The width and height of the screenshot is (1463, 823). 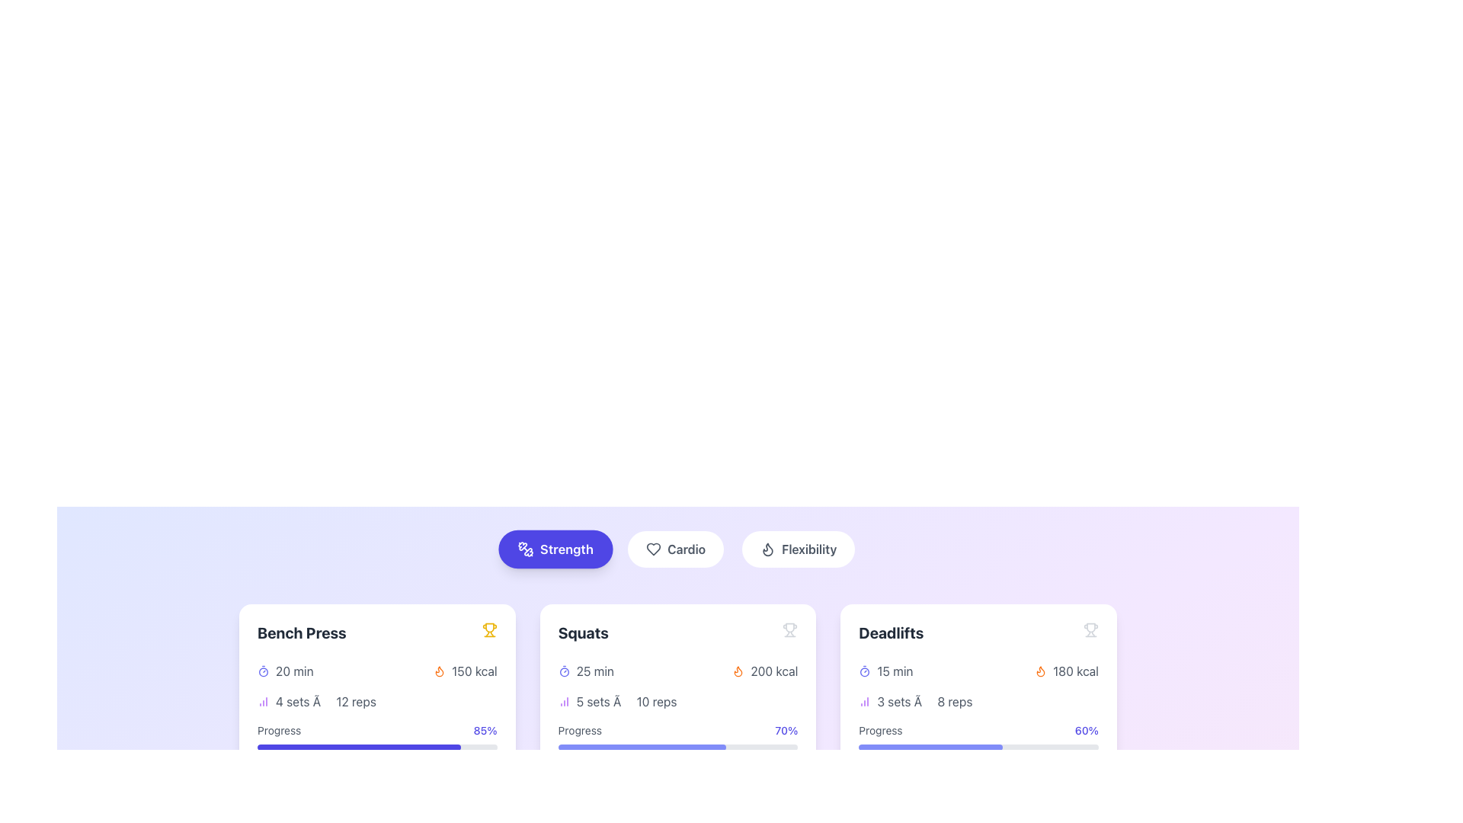 I want to click on the filled segment of the horizontal progress bar in vivid purple under the 'Bench Press' section, next to the '85%' text, so click(x=358, y=746).